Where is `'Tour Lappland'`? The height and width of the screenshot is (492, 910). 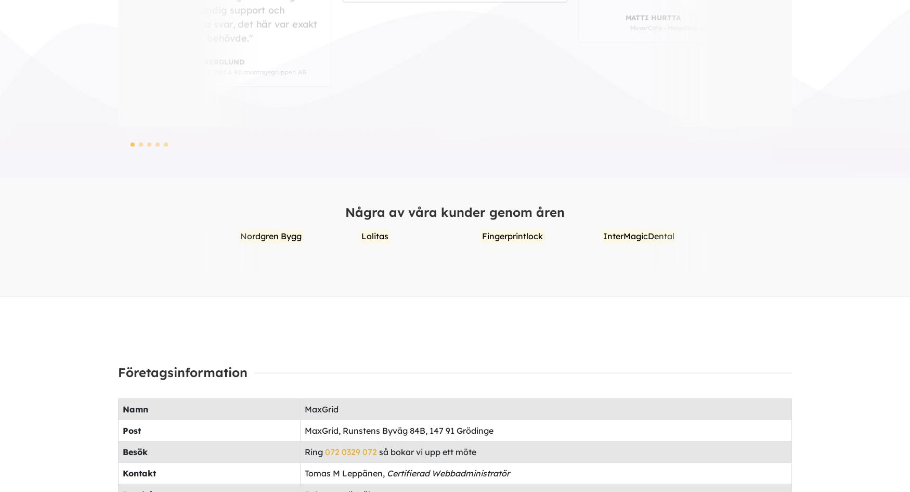 'Tour Lappland' is located at coordinates (781, 235).